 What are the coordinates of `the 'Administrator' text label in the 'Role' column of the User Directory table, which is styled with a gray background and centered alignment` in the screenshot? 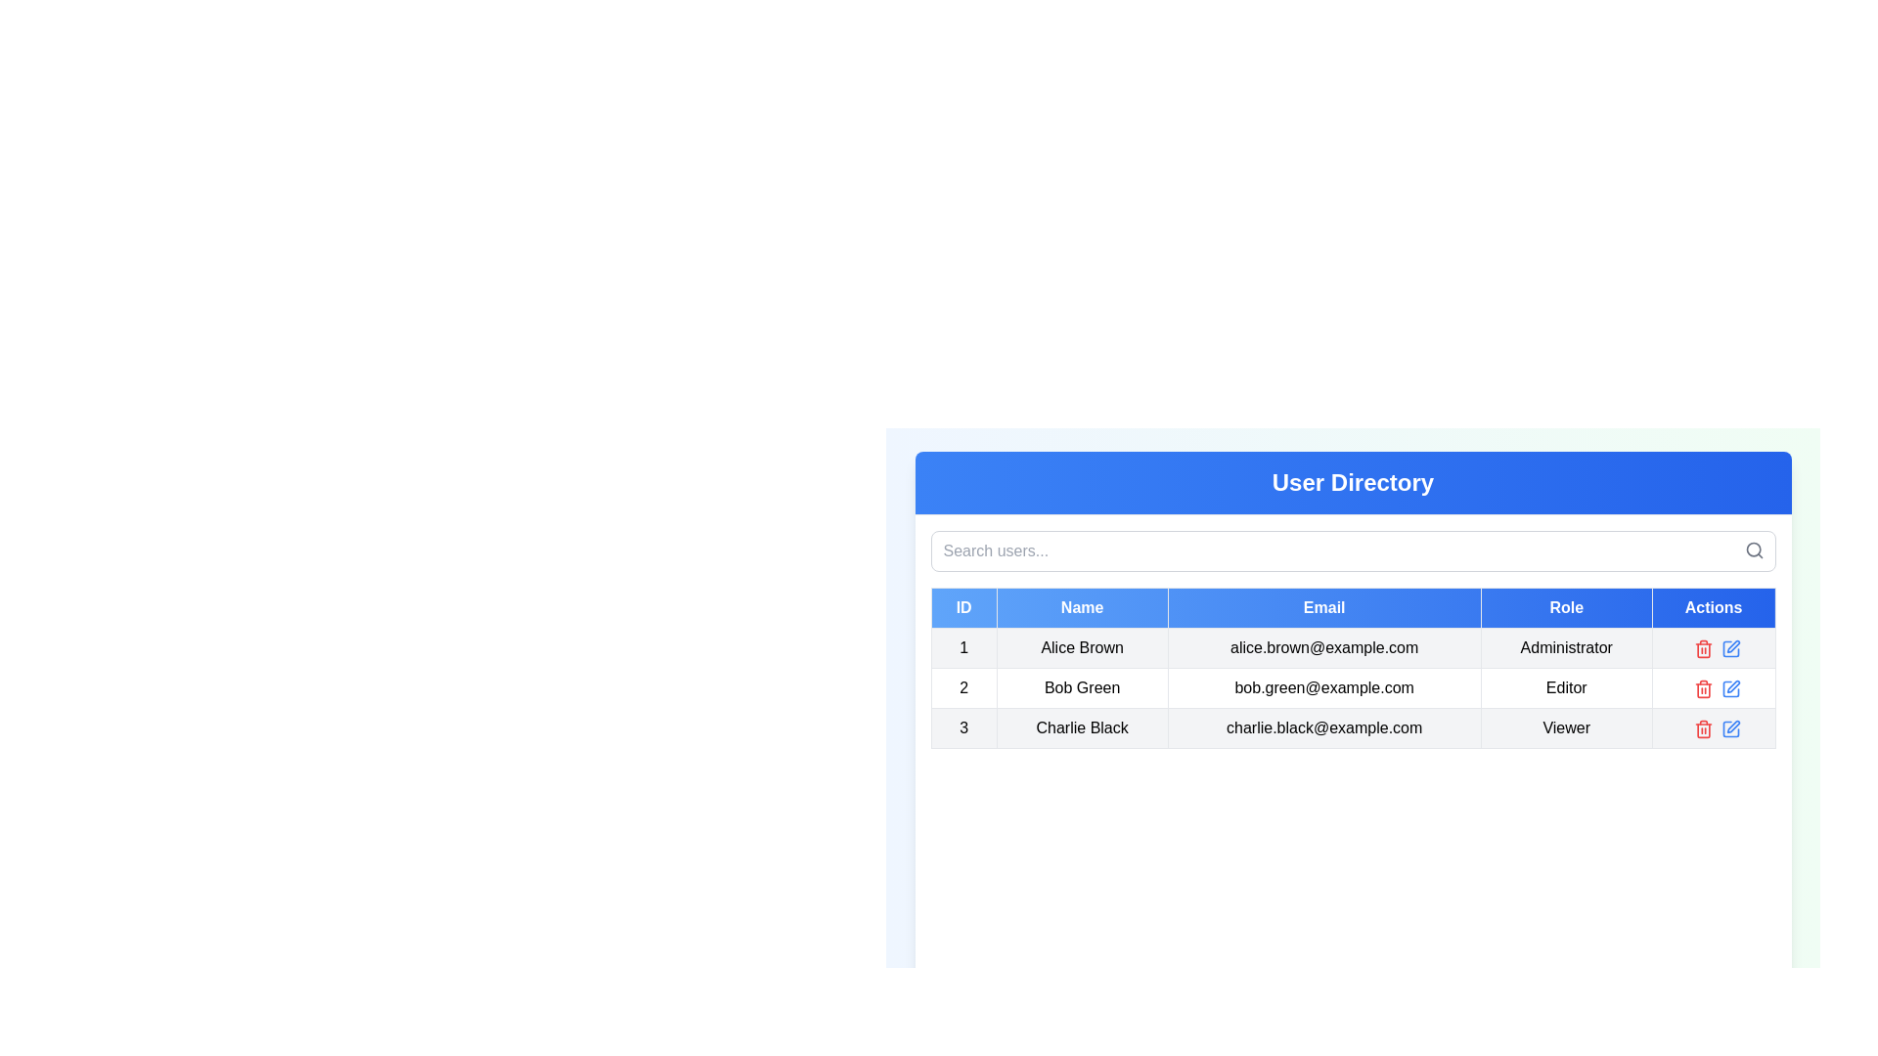 It's located at (1566, 648).